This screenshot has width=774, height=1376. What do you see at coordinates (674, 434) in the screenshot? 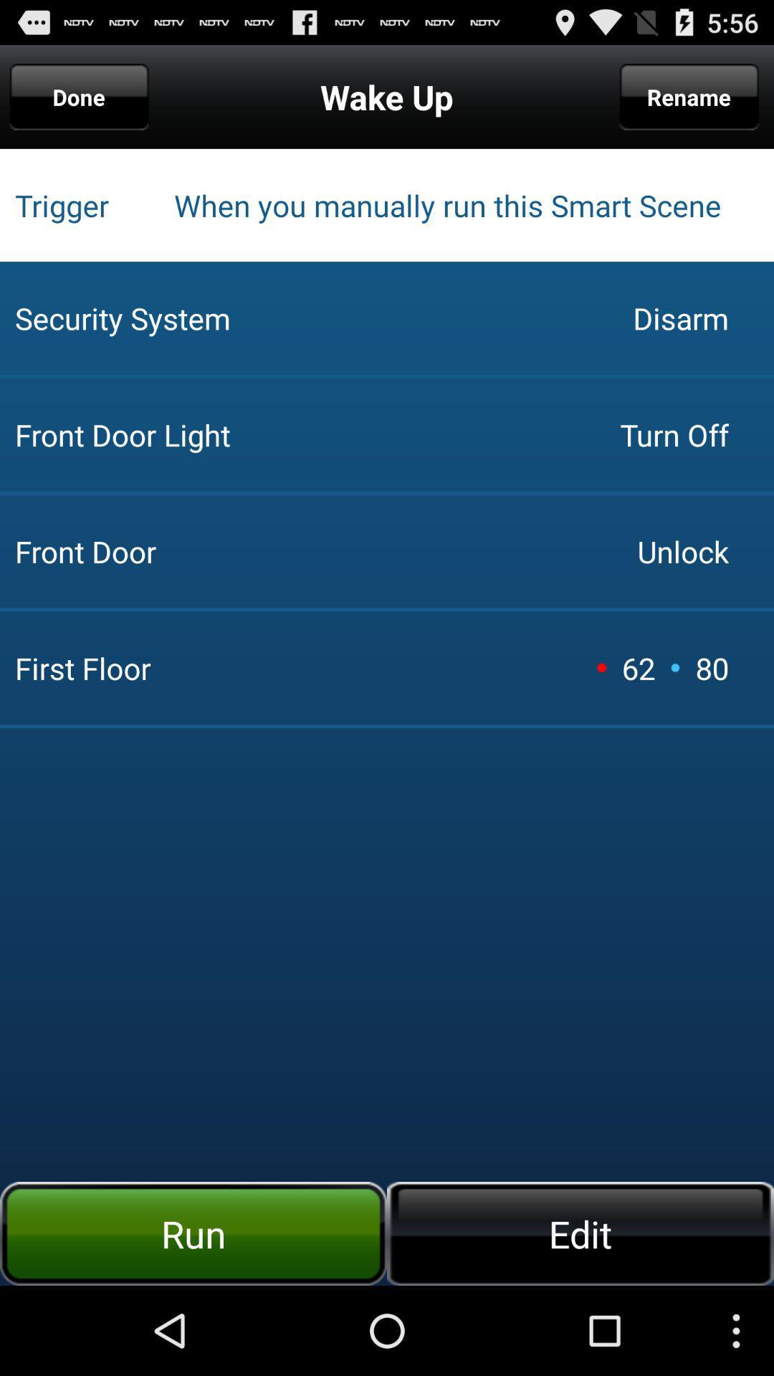
I see `the app above front door icon` at bounding box center [674, 434].